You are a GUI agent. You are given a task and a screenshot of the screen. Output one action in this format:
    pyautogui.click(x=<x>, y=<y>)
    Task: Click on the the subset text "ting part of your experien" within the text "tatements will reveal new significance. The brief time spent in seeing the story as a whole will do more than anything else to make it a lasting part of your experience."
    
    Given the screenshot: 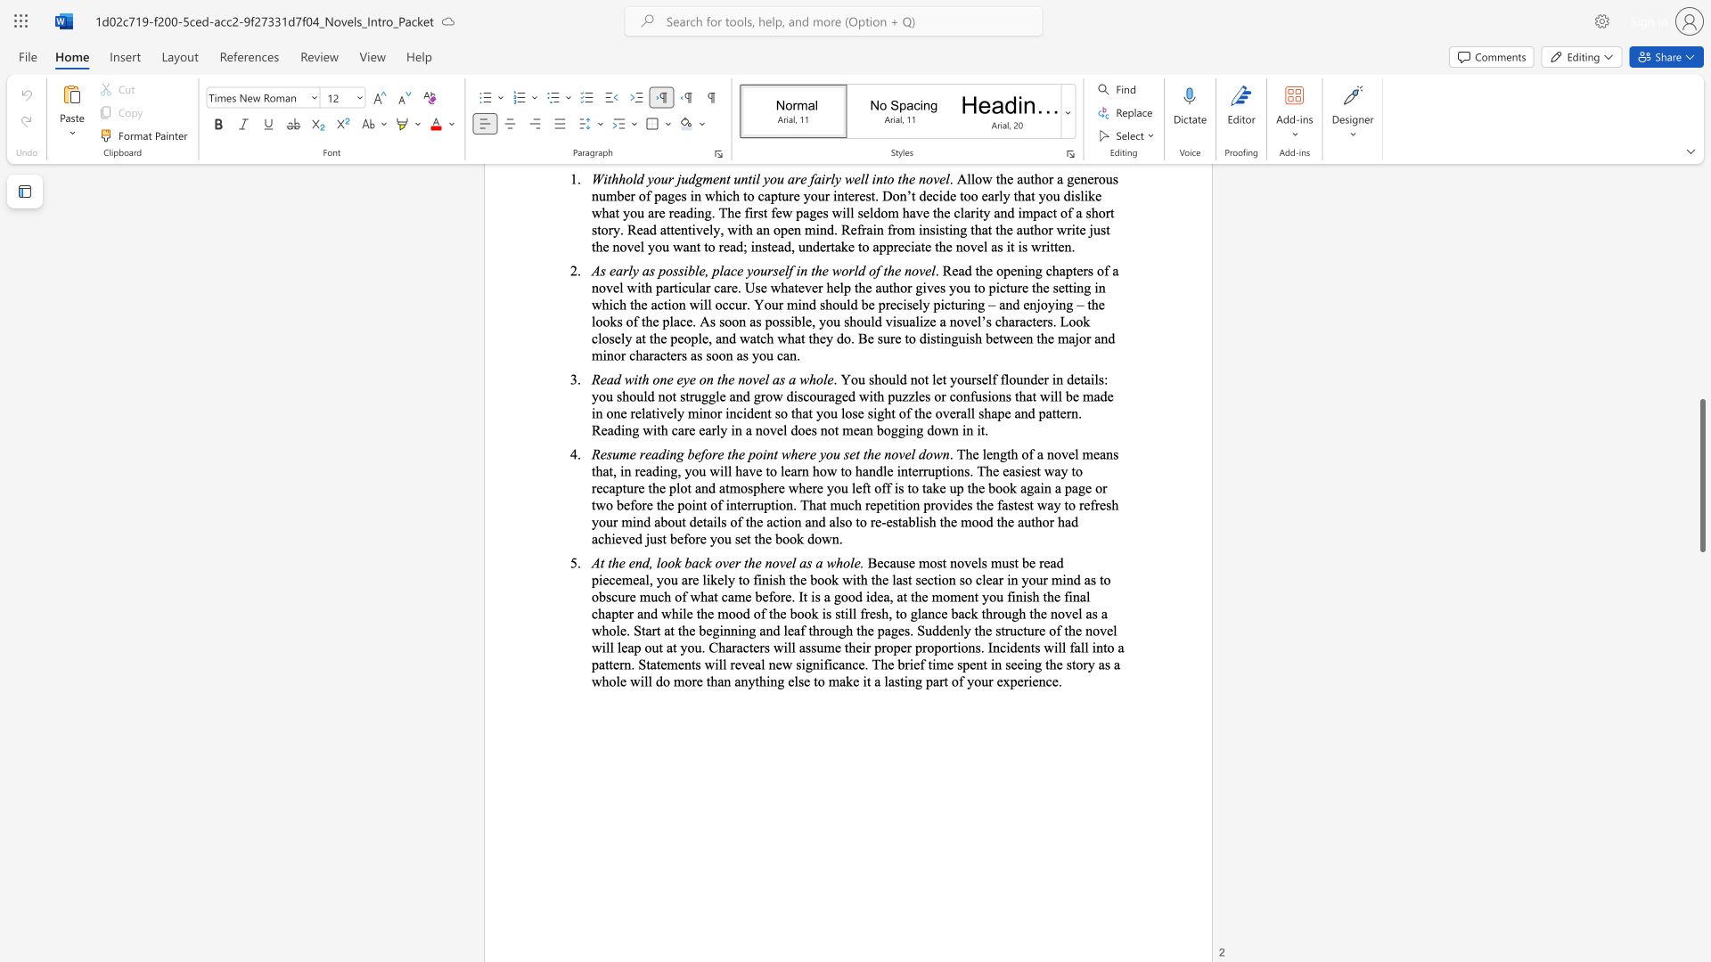 What is the action you would take?
    pyautogui.click(x=900, y=681)
    